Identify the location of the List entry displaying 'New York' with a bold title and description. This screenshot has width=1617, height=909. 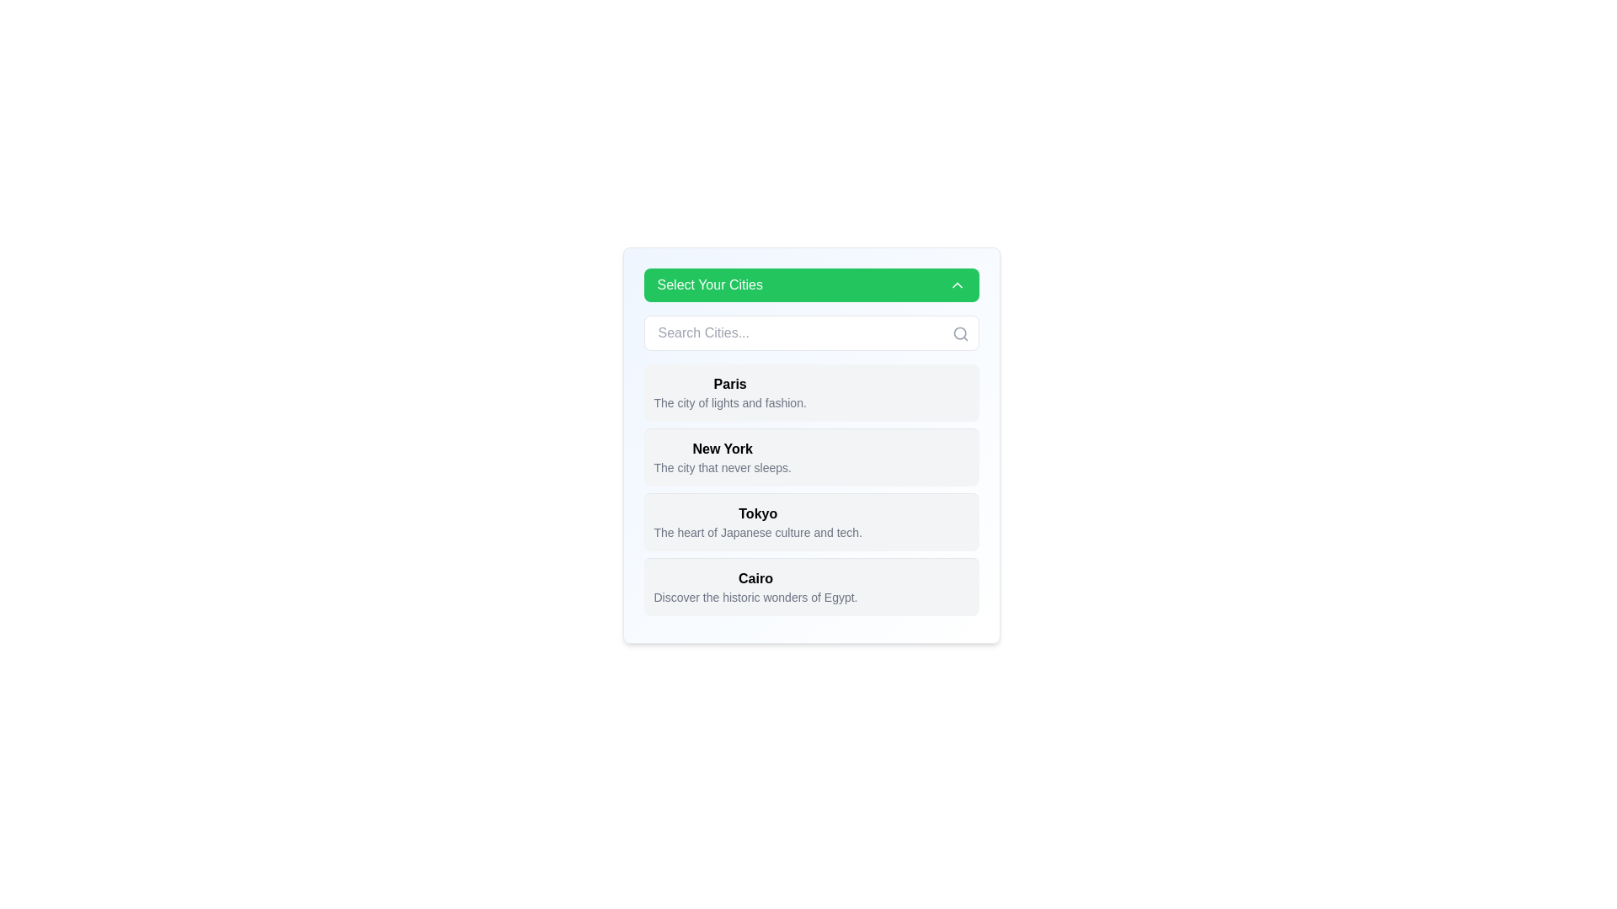
(811, 465).